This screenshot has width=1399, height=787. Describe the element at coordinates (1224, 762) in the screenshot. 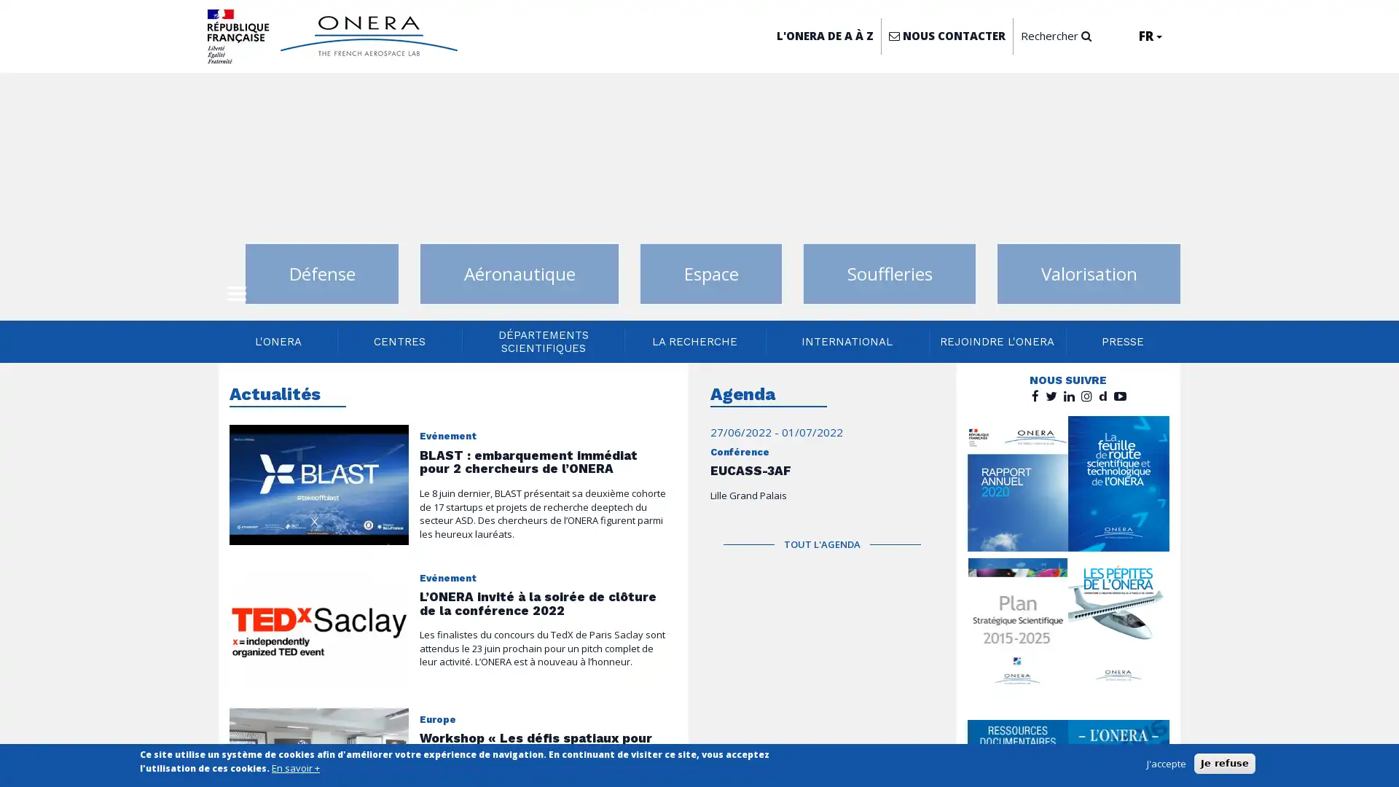

I see `Je refuse` at that location.